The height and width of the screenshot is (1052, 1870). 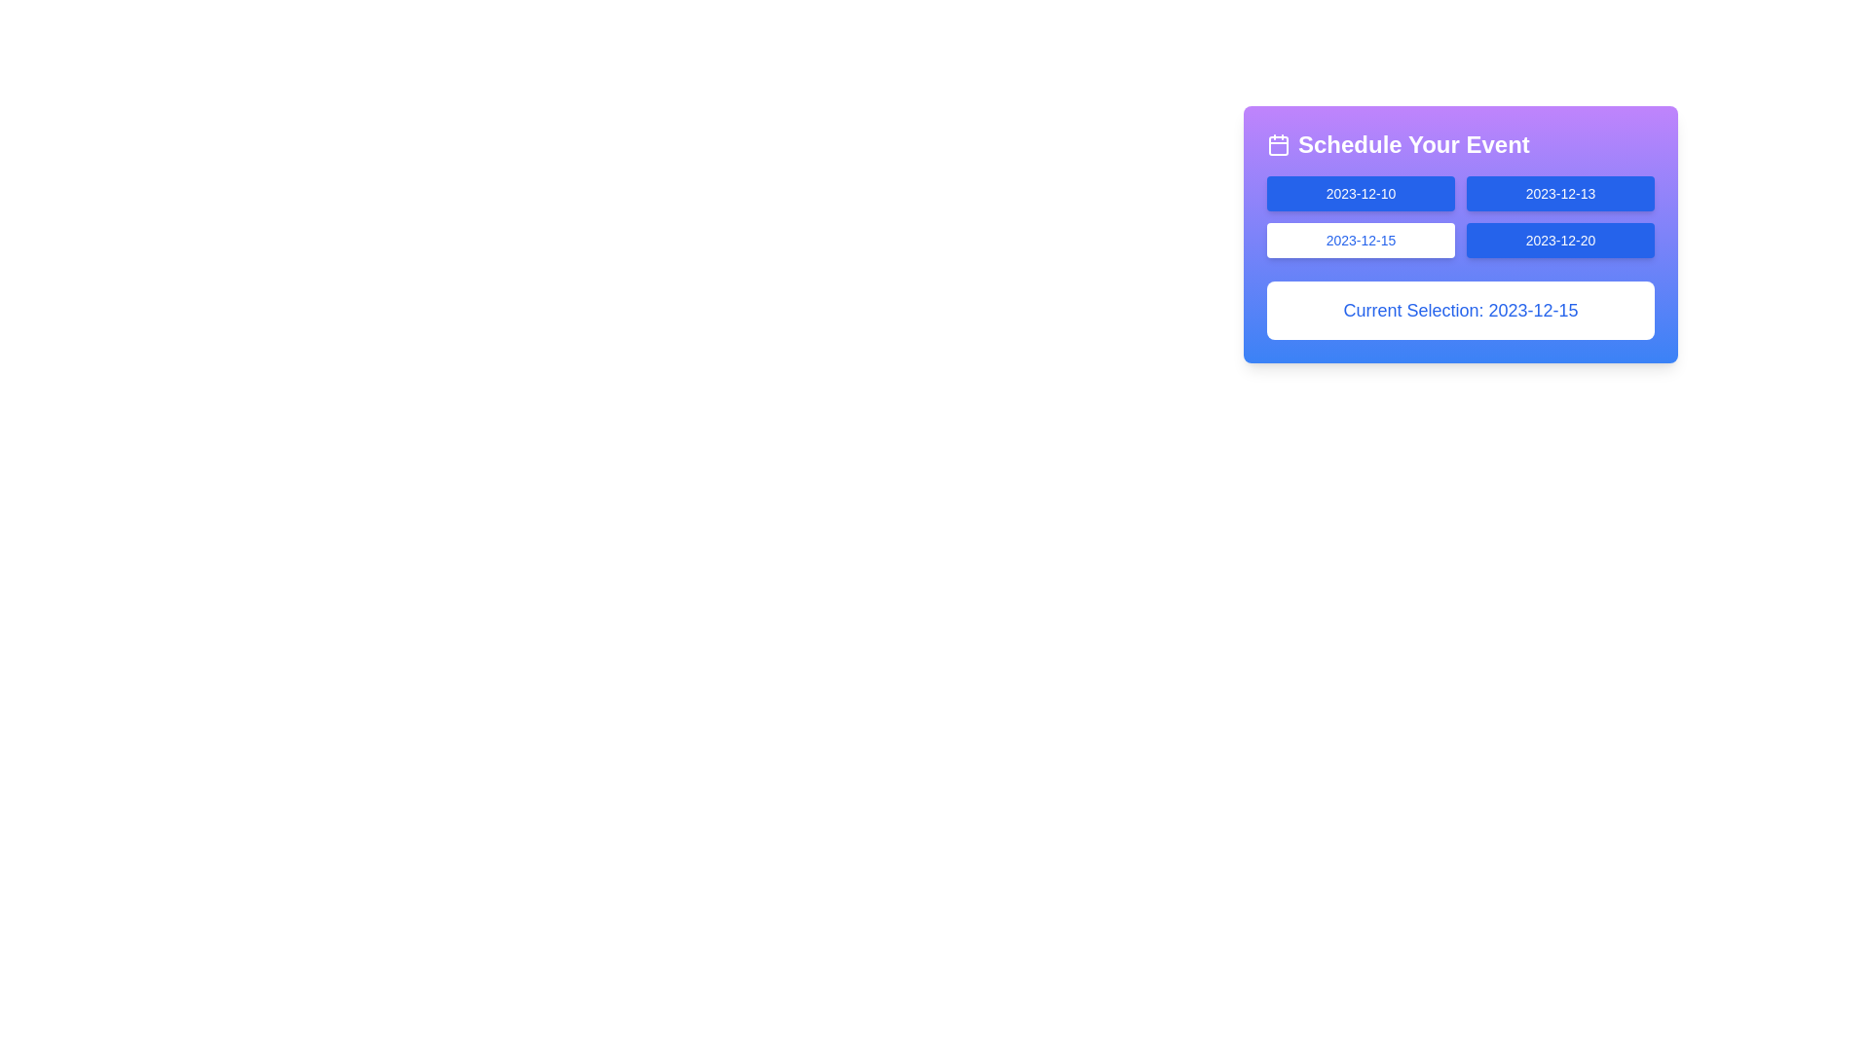 I want to click on the Heading element located at the top of the card with a gradient purple background, which provides a heading for scheduling an event, so click(x=1460, y=144).